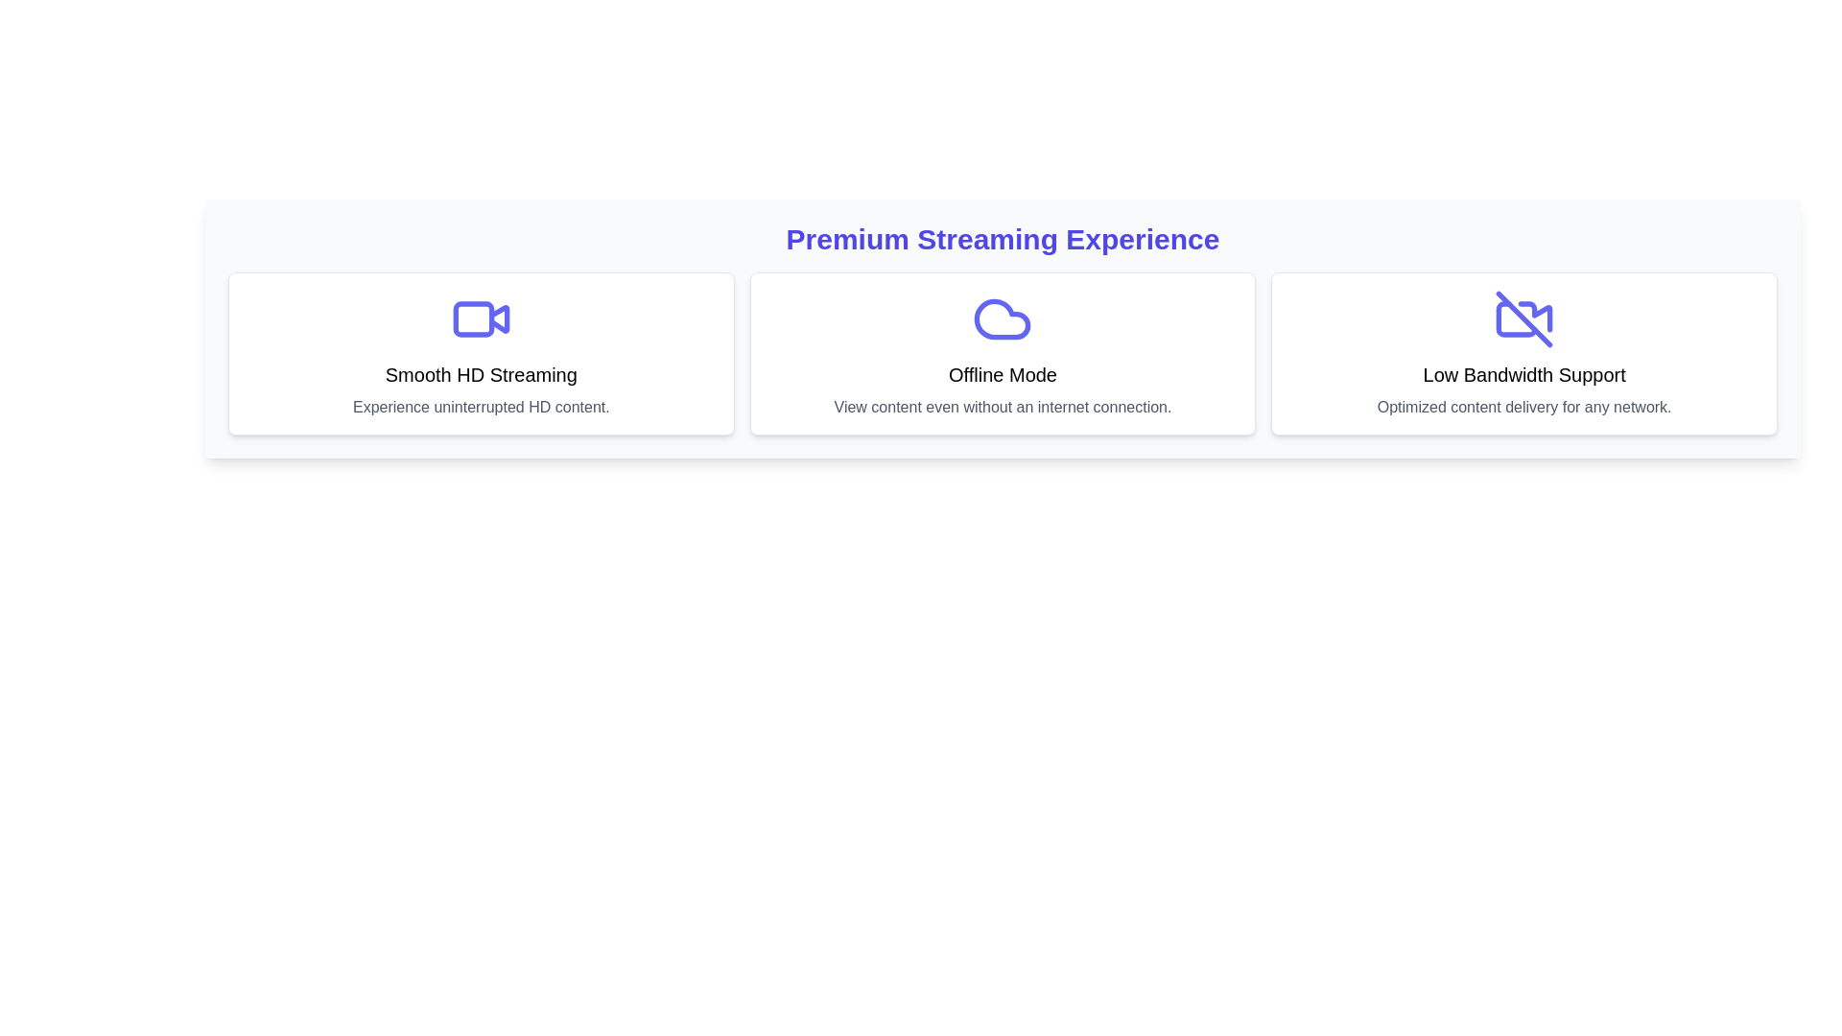  Describe the element at coordinates (481, 406) in the screenshot. I see `the text label providing additional information about the 'Smooth HD Streaming' functionality, located at the bottom of the card labeled 'Smooth HD Streaming'` at that location.